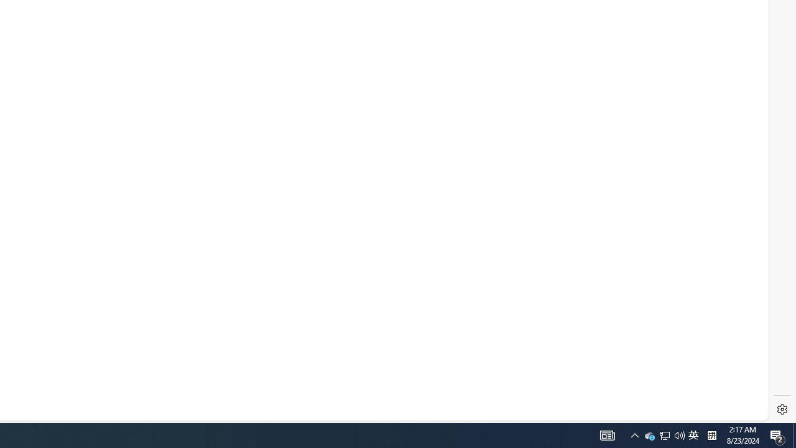  Describe the element at coordinates (782, 409) in the screenshot. I see `'Settings'` at that location.